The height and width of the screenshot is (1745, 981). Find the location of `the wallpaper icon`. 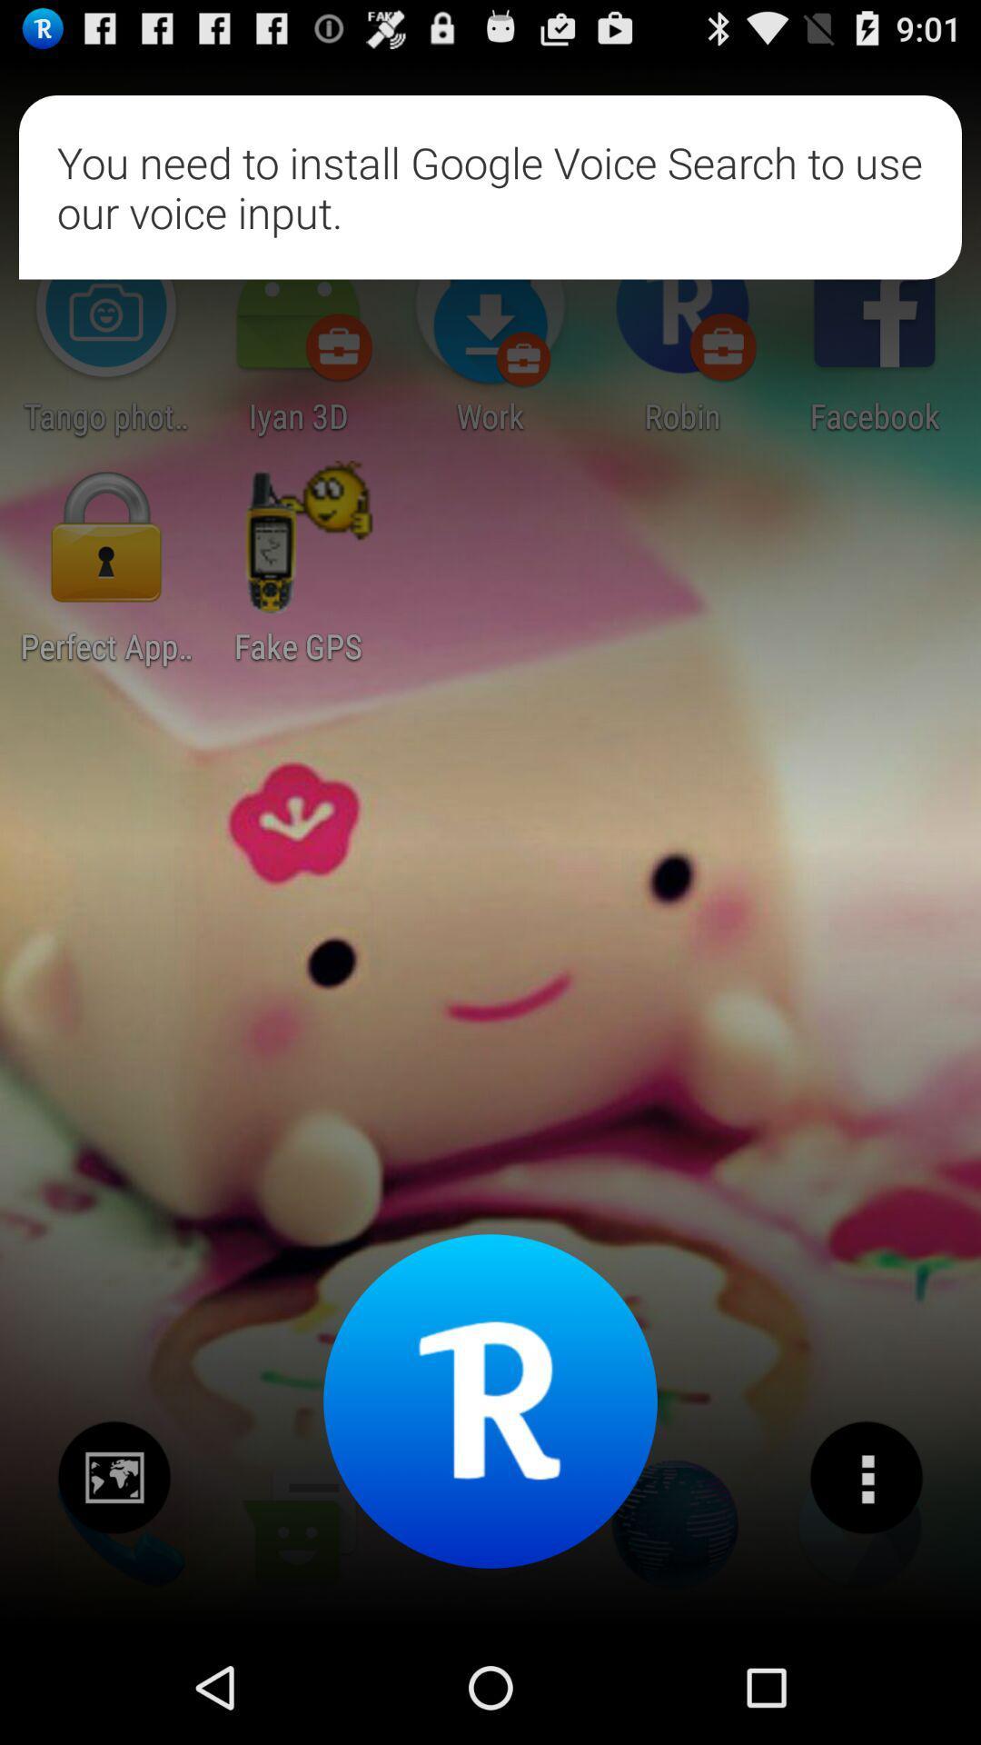

the wallpaper icon is located at coordinates (114, 1580).